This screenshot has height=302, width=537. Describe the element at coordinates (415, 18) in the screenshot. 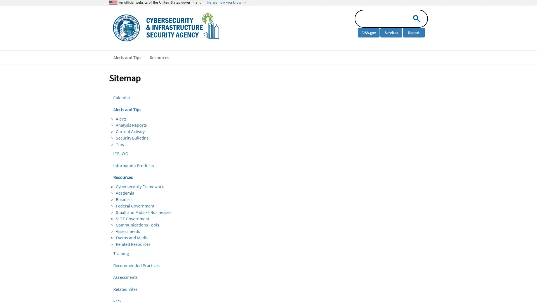

I see `search` at that location.